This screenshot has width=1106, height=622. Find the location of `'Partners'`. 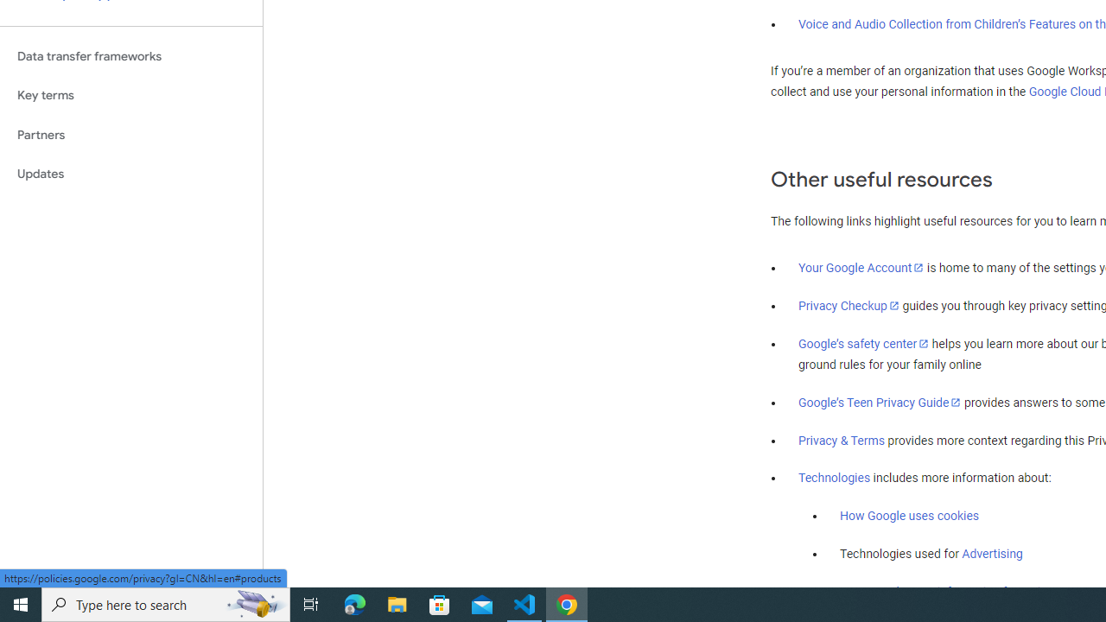

'Partners' is located at coordinates (130, 134).